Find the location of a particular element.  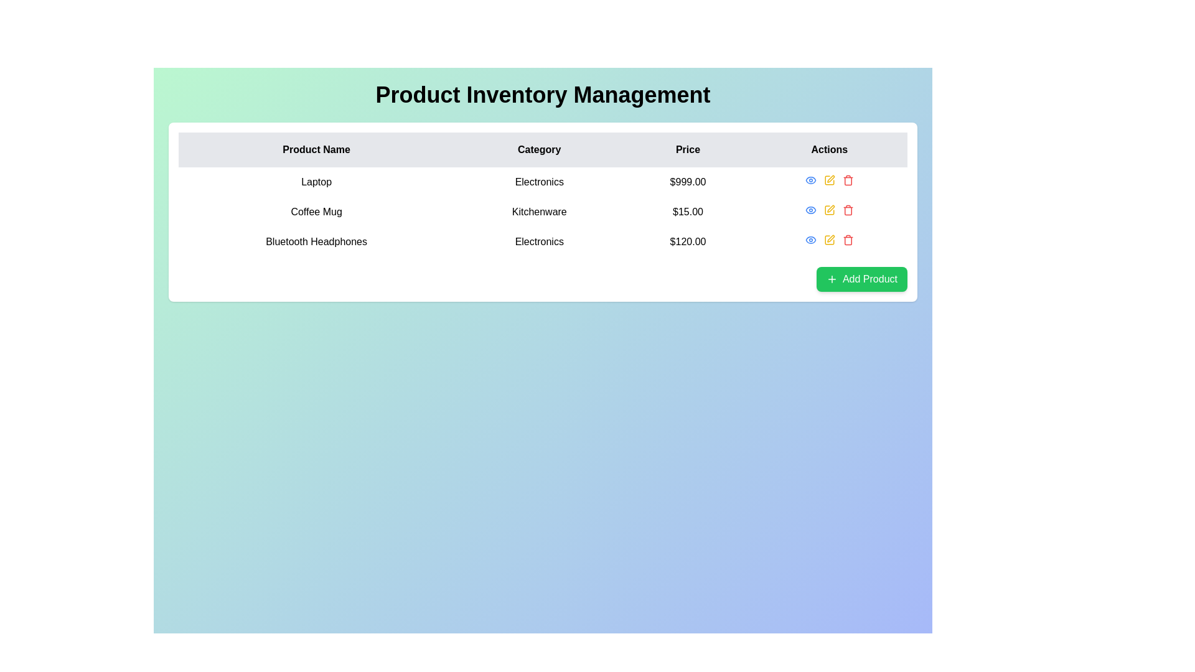

the 'Category' text label in the second column of the third row in the product table, which indicates the product category next to 'Bluetooth Headphones' is located at coordinates (539, 242).